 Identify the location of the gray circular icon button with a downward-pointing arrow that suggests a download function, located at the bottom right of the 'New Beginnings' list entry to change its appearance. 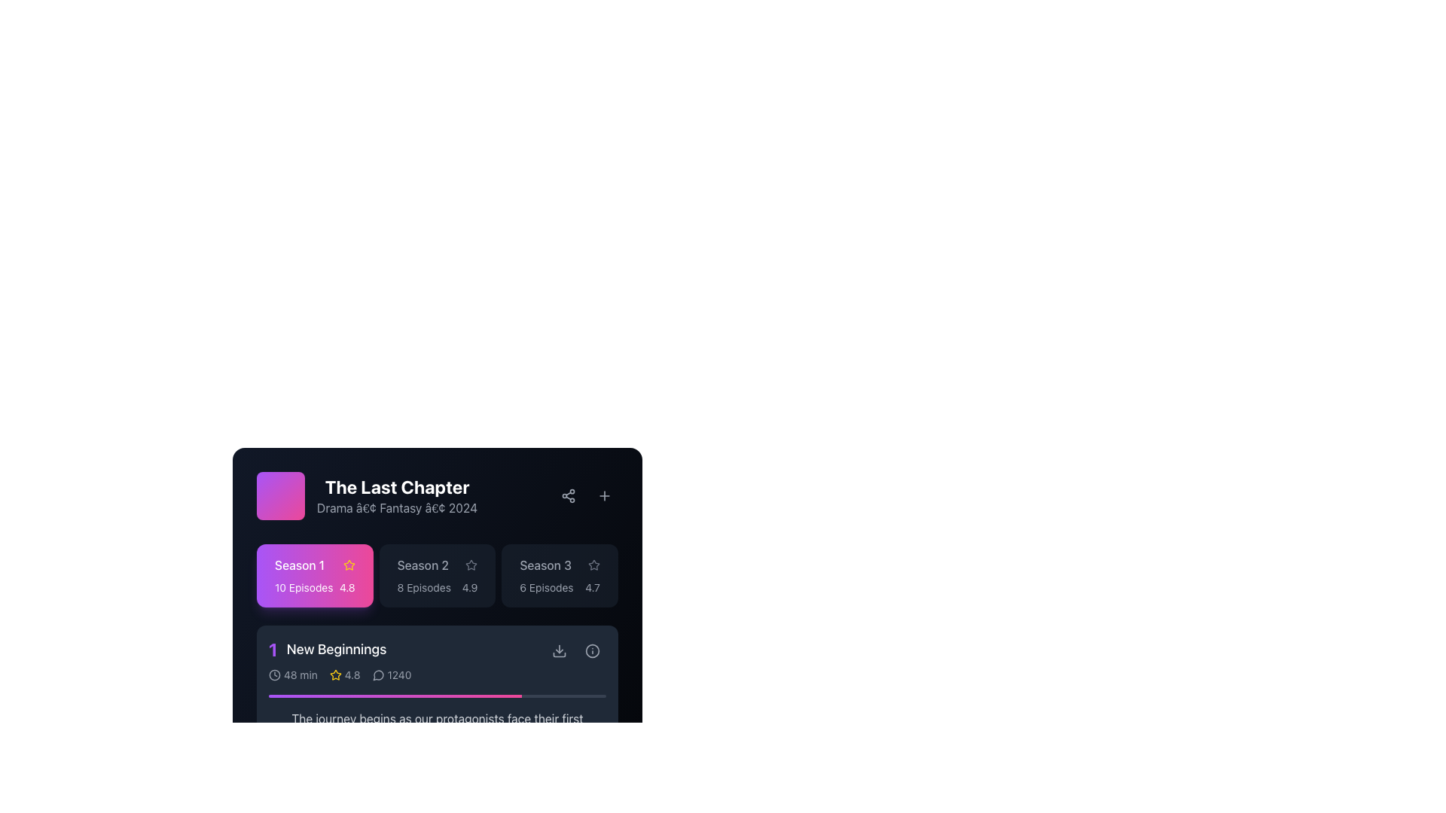
(559, 650).